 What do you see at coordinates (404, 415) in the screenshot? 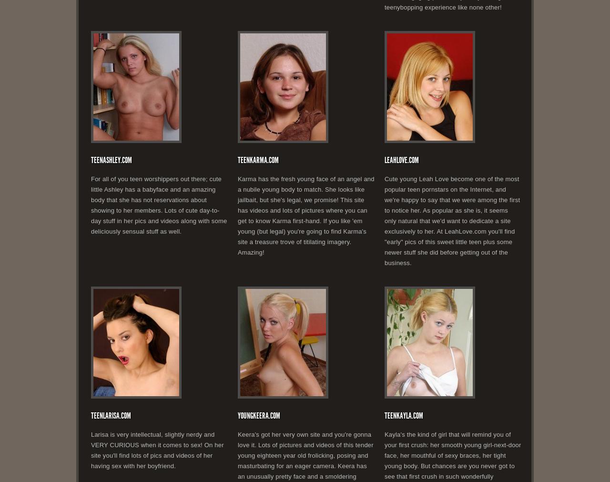
I see `'TeenKayla.com'` at bounding box center [404, 415].